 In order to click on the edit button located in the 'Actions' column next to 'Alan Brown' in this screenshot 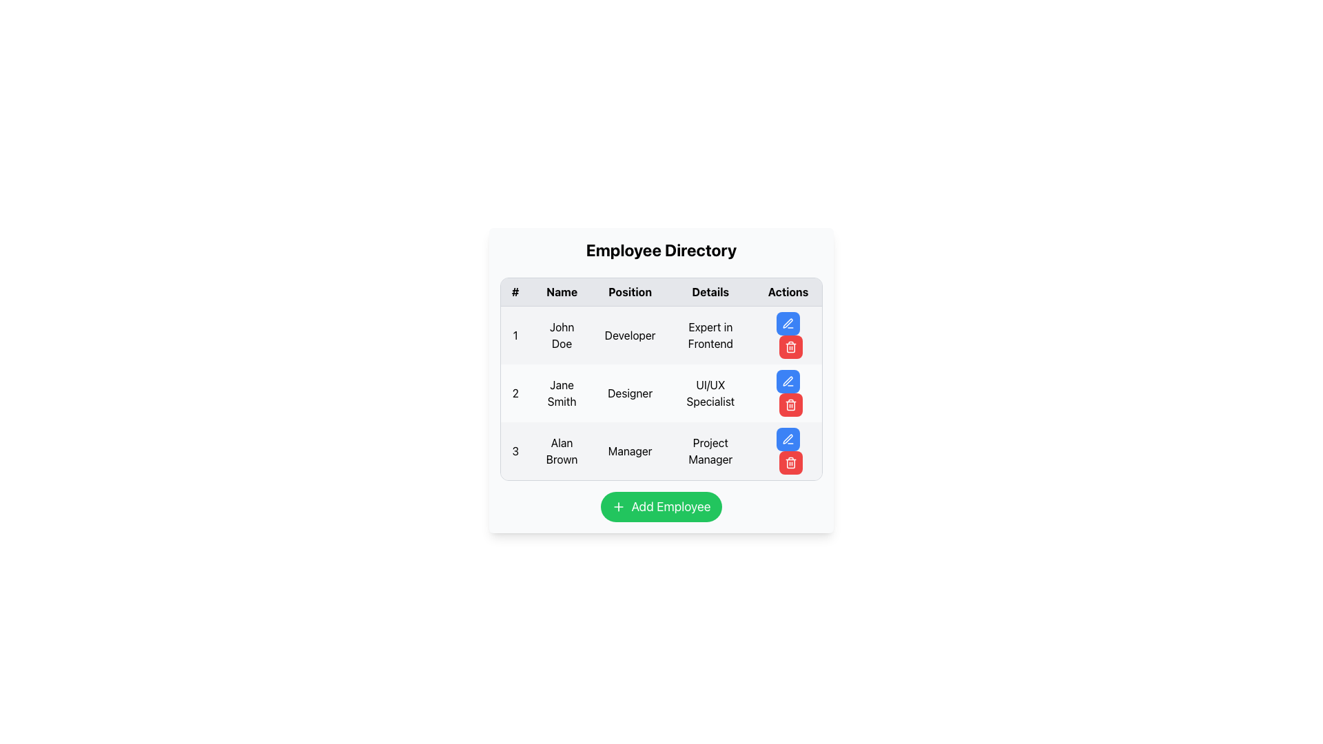, I will do `click(788, 439)`.